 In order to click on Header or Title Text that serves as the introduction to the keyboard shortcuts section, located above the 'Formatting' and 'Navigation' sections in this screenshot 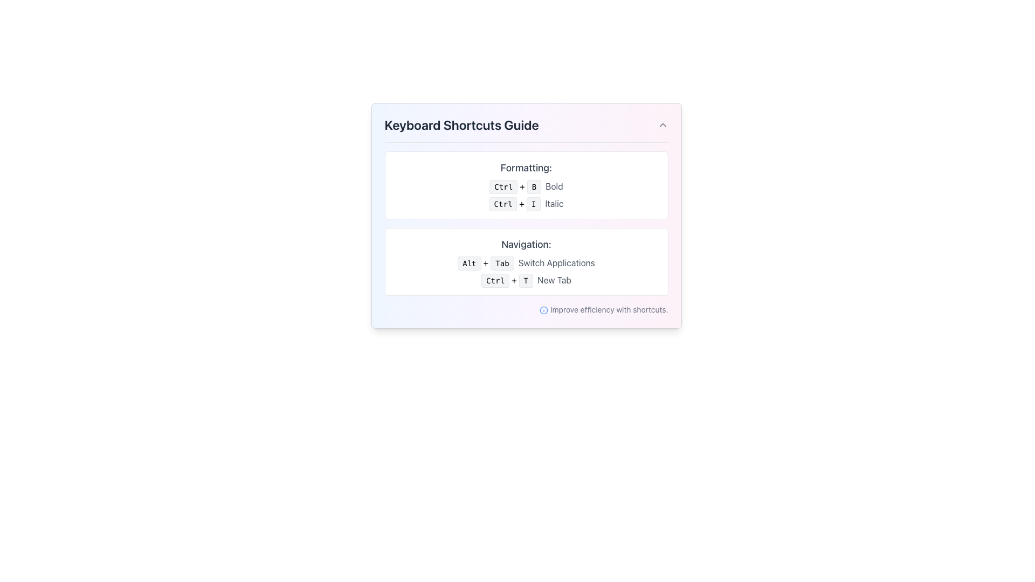, I will do `click(526, 129)`.